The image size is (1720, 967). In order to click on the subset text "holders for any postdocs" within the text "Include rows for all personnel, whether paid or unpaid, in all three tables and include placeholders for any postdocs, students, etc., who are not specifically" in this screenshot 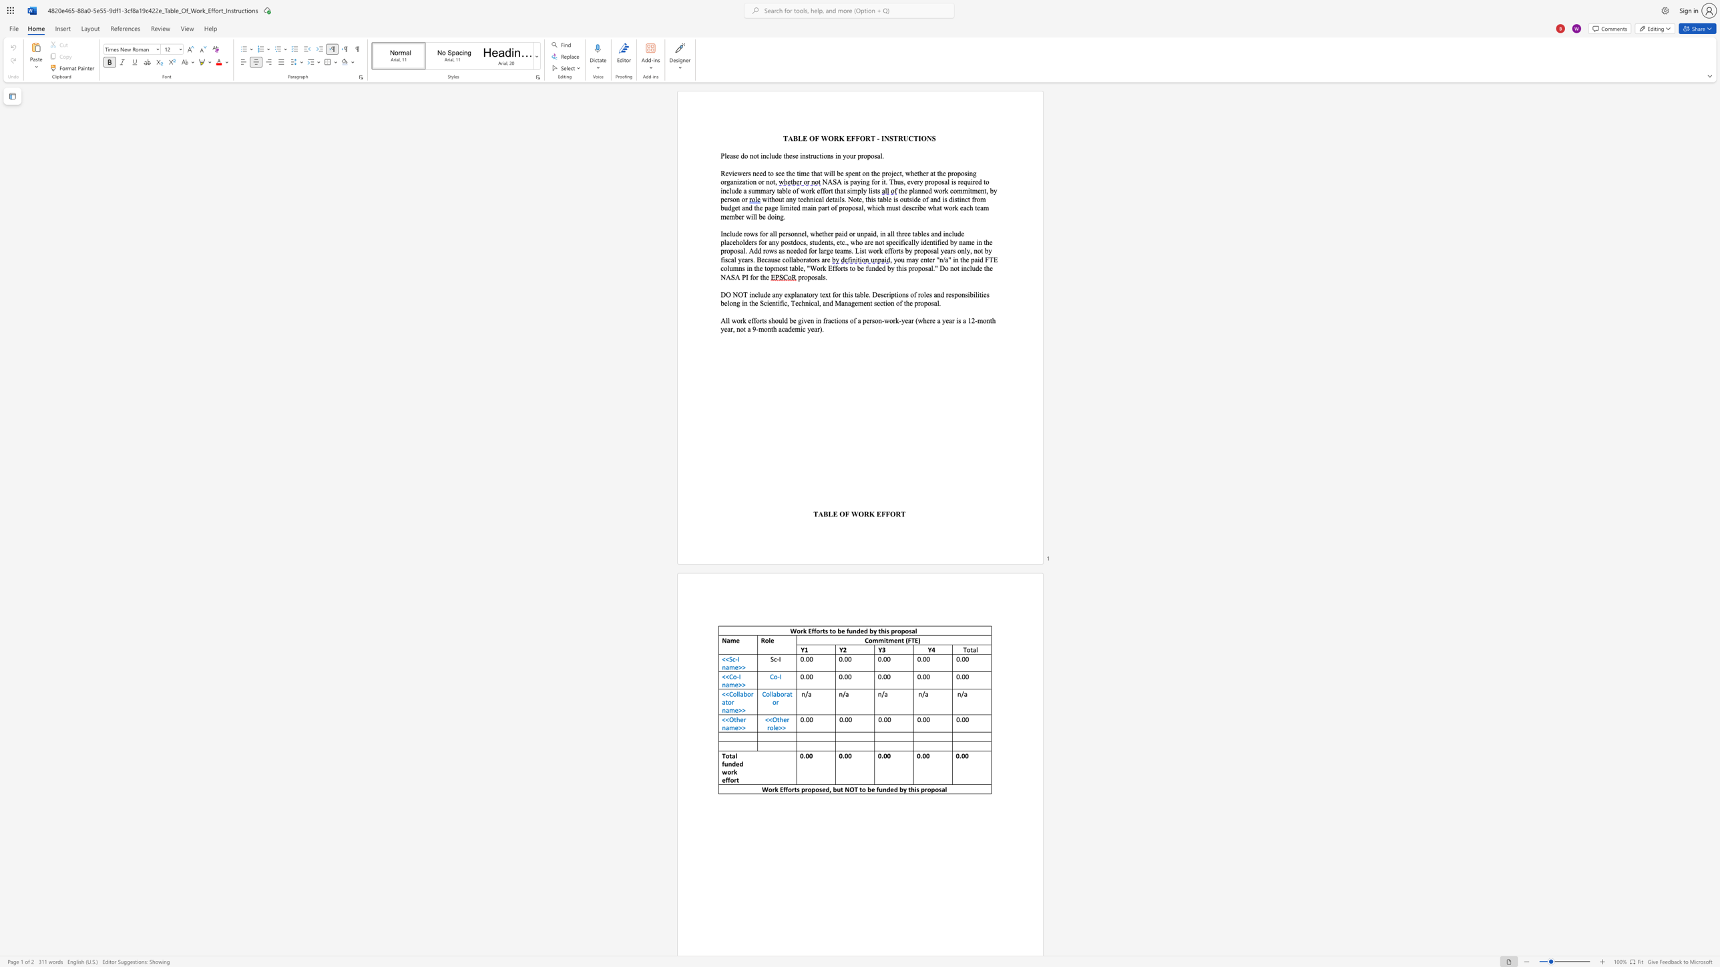, I will do `click(736, 242)`.